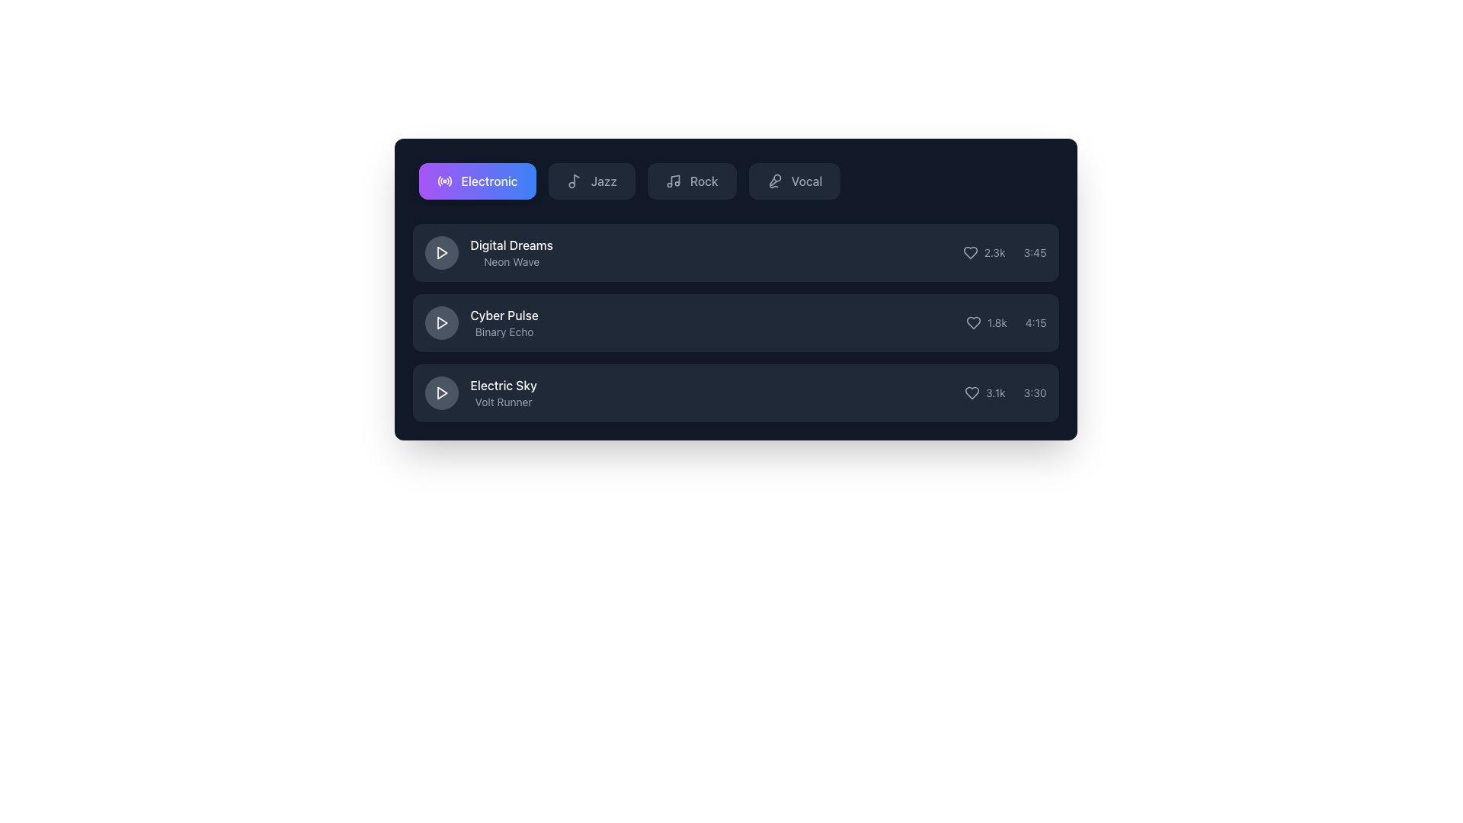  I want to click on the play button for the audio track 'Cyber Pulse' by 'Binary Echo', so click(440, 322).